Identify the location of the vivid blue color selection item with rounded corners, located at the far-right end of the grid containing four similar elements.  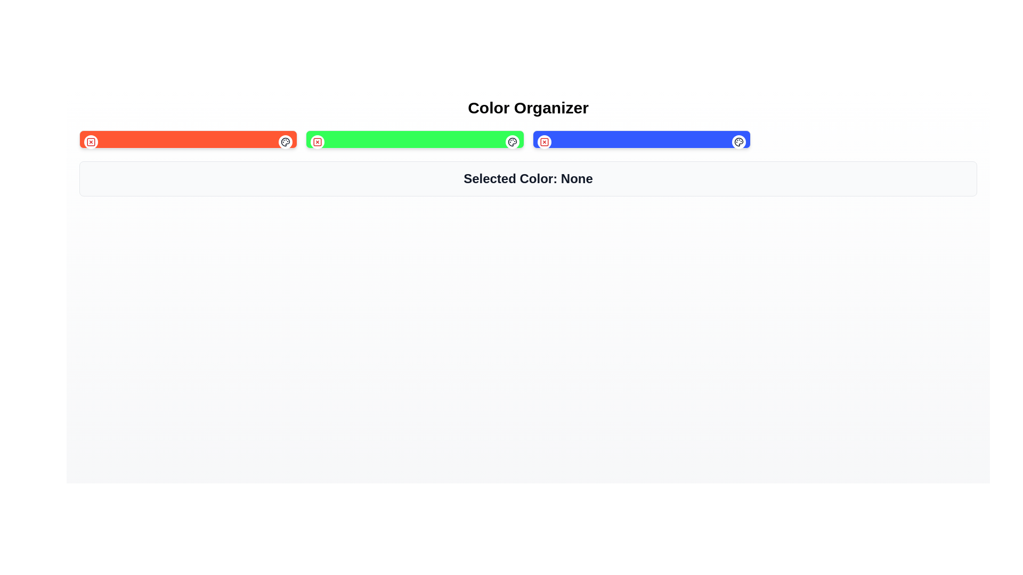
(641, 139).